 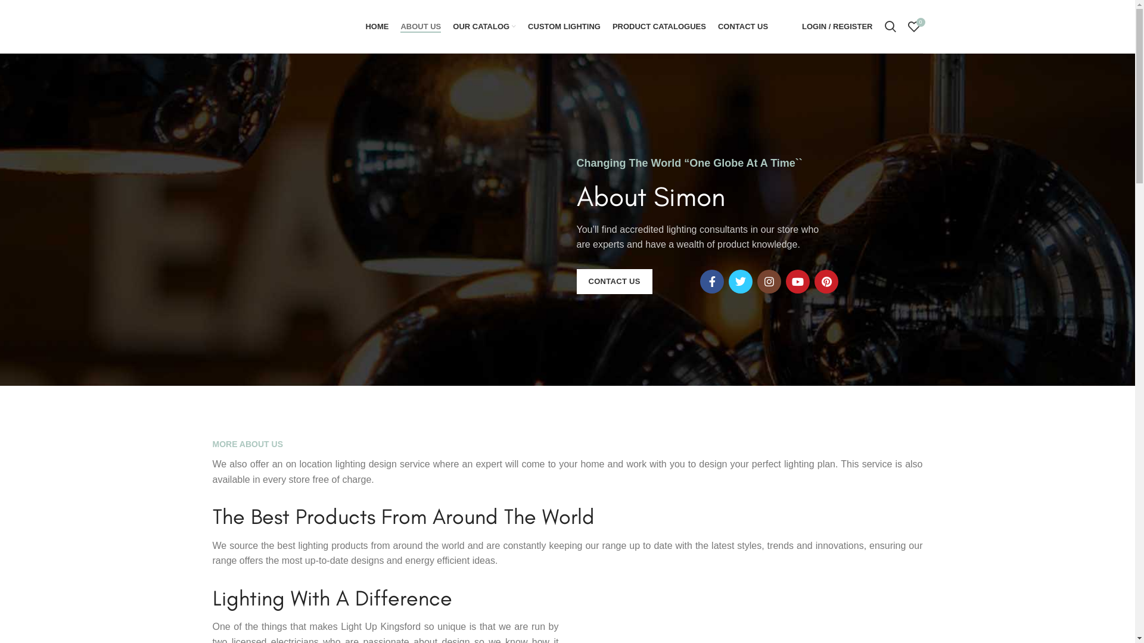 What do you see at coordinates (742, 26) in the screenshot?
I see `'CONTACT US'` at bounding box center [742, 26].